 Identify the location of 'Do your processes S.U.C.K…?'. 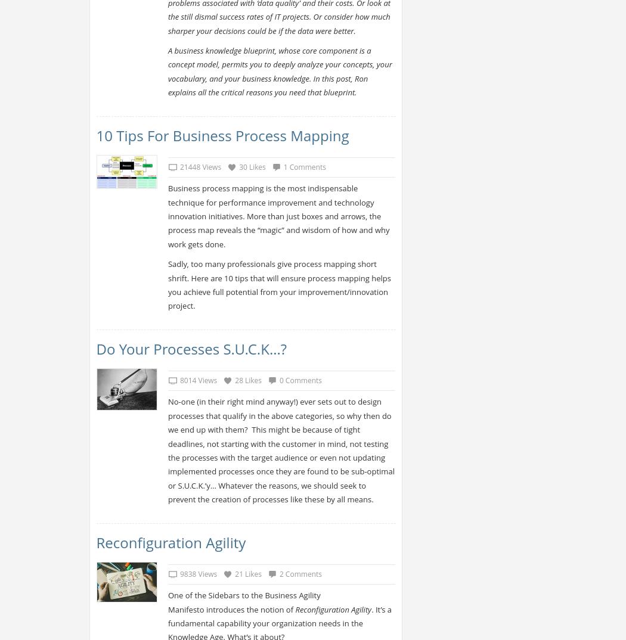
(191, 348).